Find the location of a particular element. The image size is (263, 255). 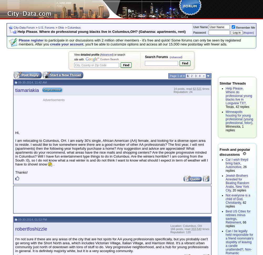

'Best US Cities for retirees minus savings' is located at coordinates (238, 215).